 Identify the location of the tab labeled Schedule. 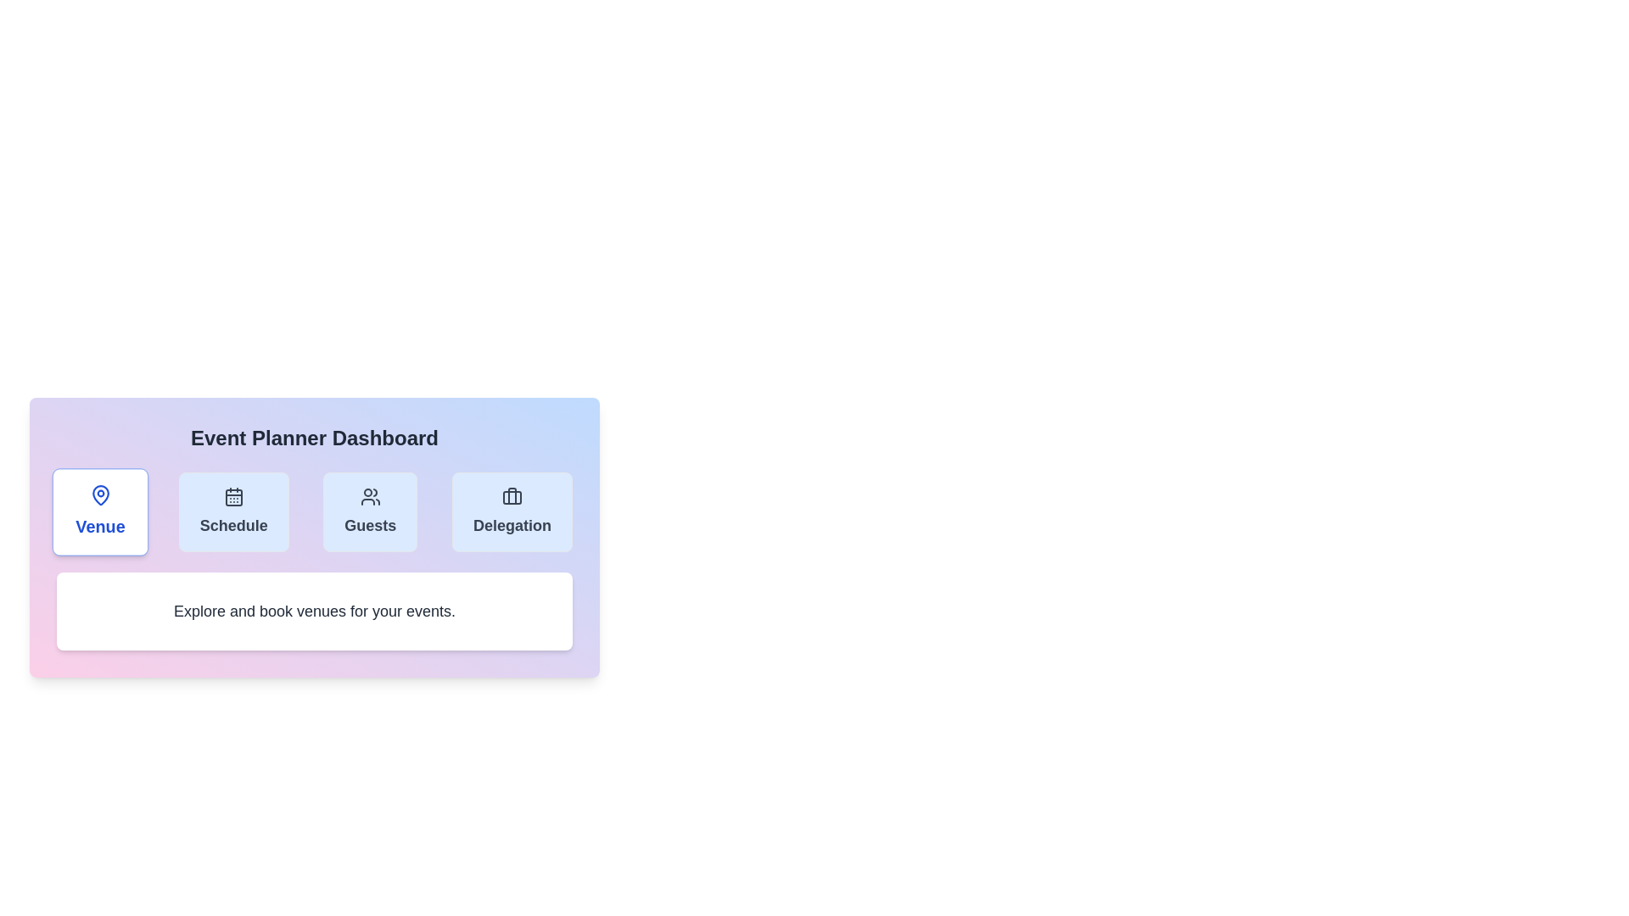
(232, 511).